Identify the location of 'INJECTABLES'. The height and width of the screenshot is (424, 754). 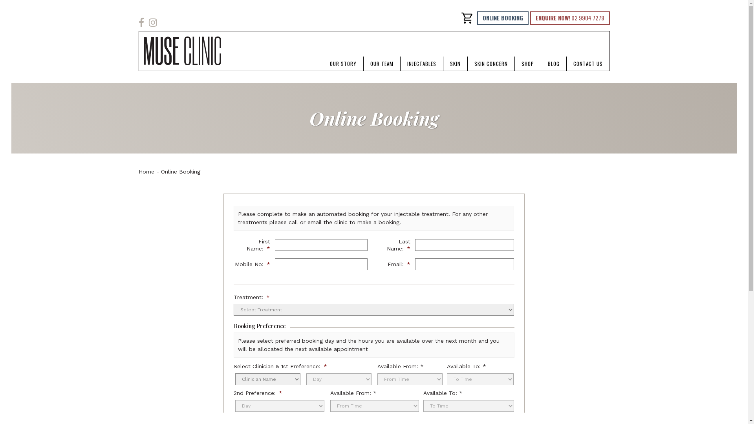
(421, 63).